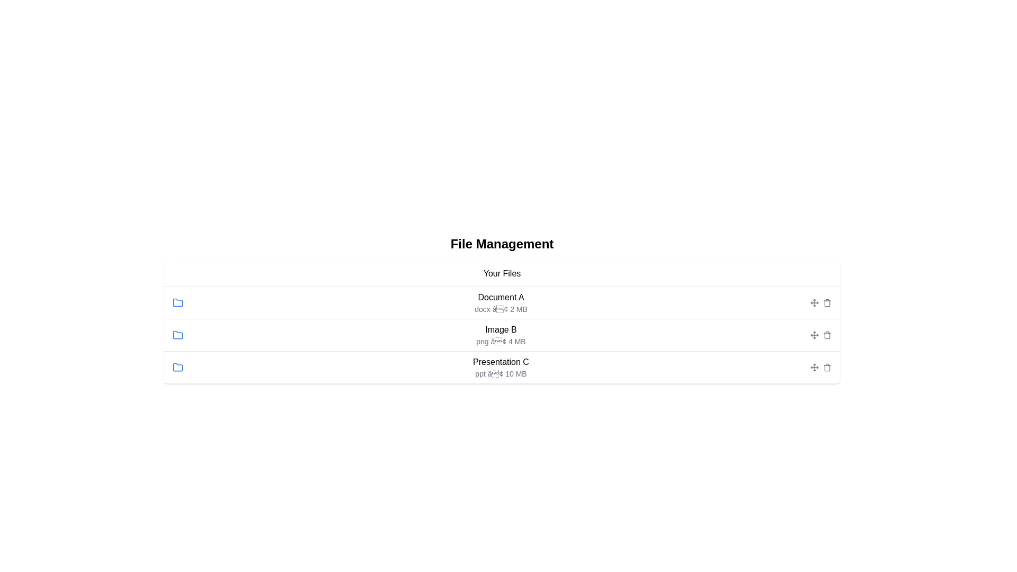 The image size is (1017, 572). What do you see at coordinates (814, 302) in the screenshot?
I see `and drag the first icon in the horizontal group on the right side of the 'Presentation C' file to reorder items` at bounding box center [814, 302].